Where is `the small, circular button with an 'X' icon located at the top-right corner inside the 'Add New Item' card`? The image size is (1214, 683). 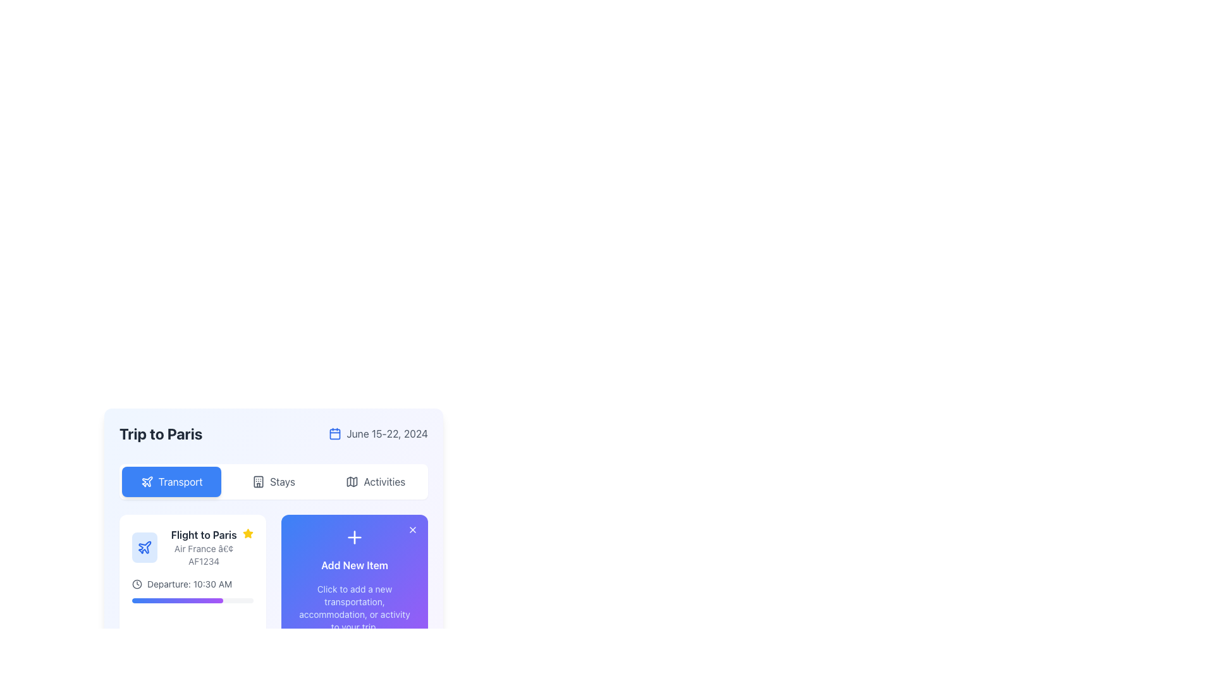
the small, circular button with an 'X' icon located at the top-right corner inside the 'Add New Item' card is located at coordinates (412, 529).